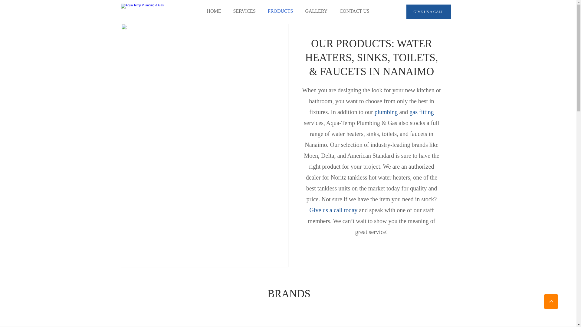 Image resolution: width=581 pixels, height=327 pixels. I want to click on 'Give us a call today', so click(333, 210).